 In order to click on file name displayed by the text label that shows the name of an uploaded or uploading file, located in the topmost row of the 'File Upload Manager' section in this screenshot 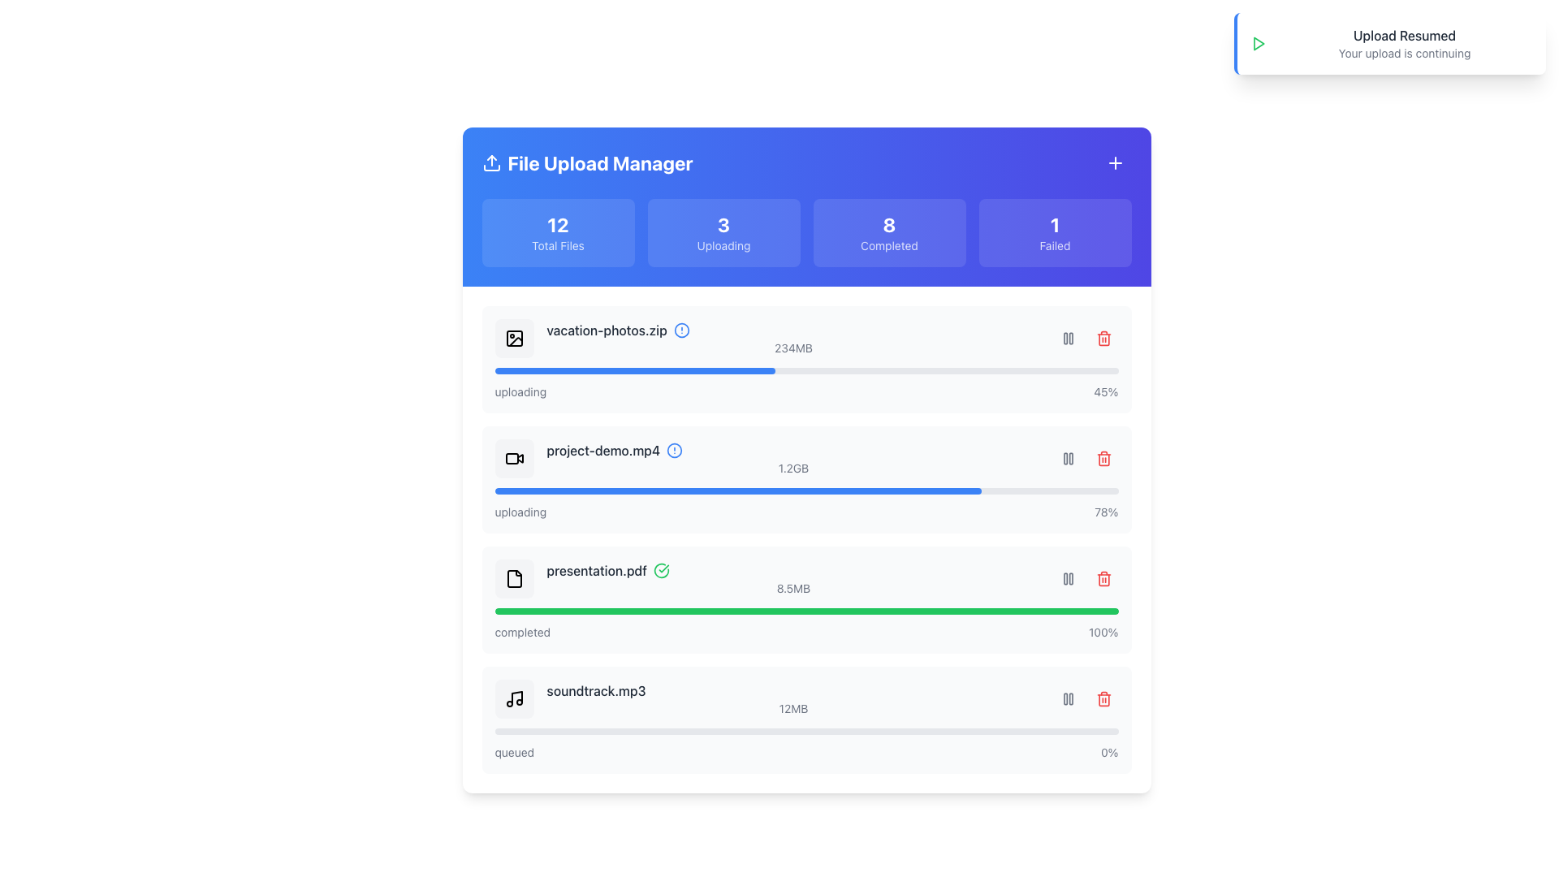, I will do `click(606, 330)`.